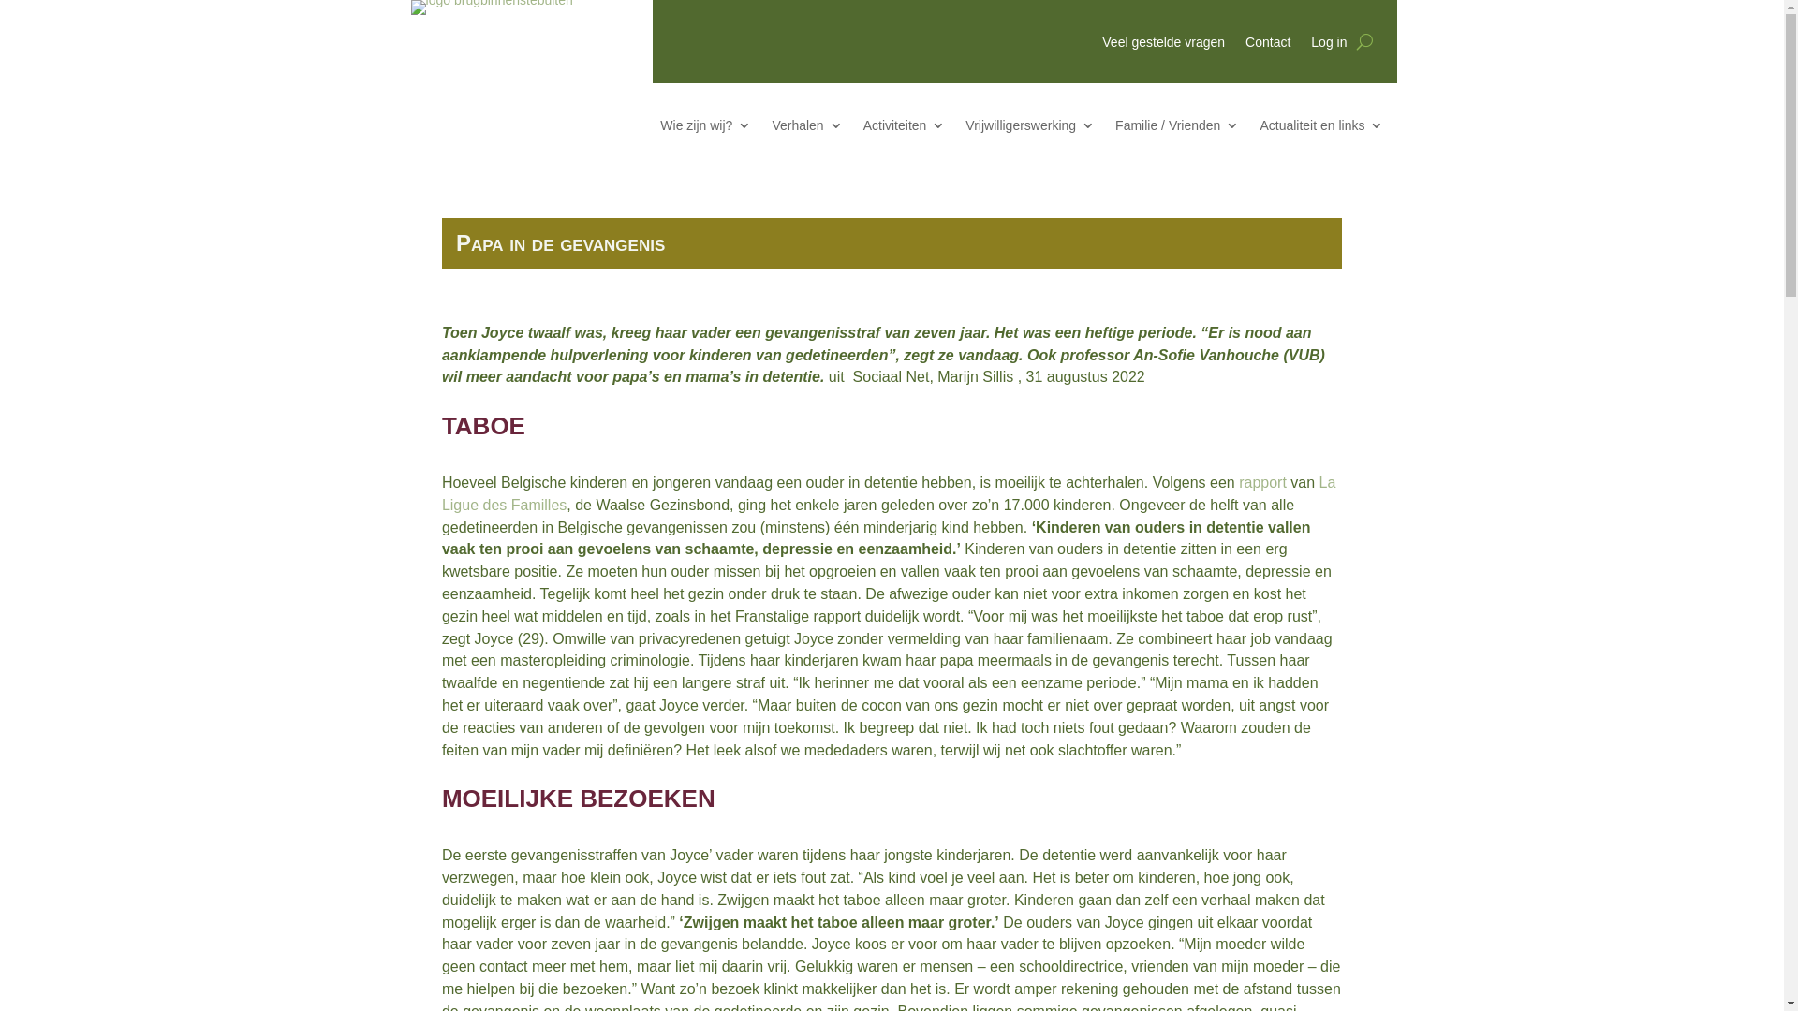 The width and height of the screenshot is (1798, 1011). What do you see at coordinates (704, 128) in the screenshot?
I see `'Wie zijn wij?'` at bounding box center [704, 128].